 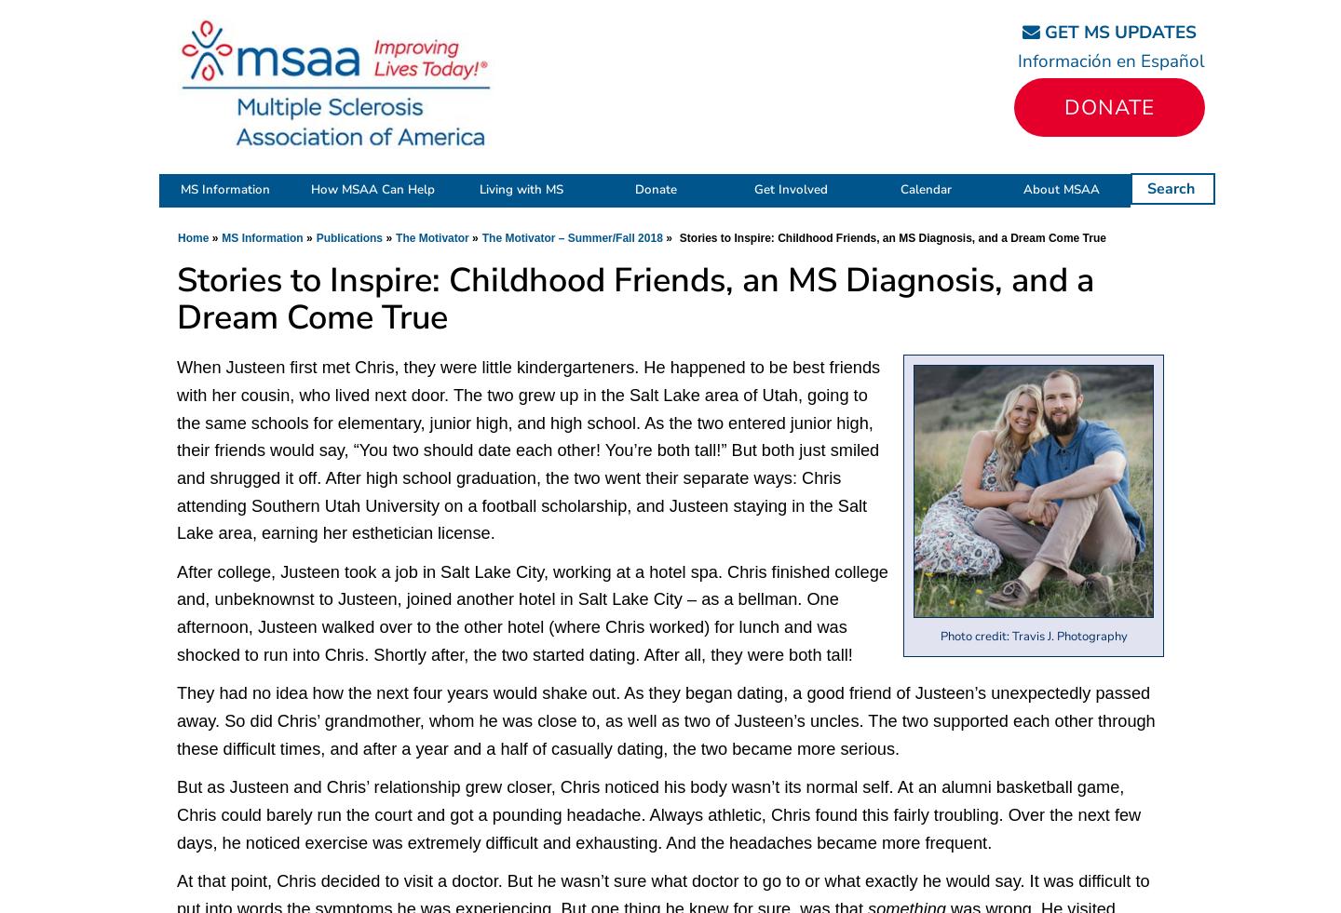 What do you see at coordinates (790, 189) in the screenshot?
I see `'Get Involved'` at bounding box center [790, 189].